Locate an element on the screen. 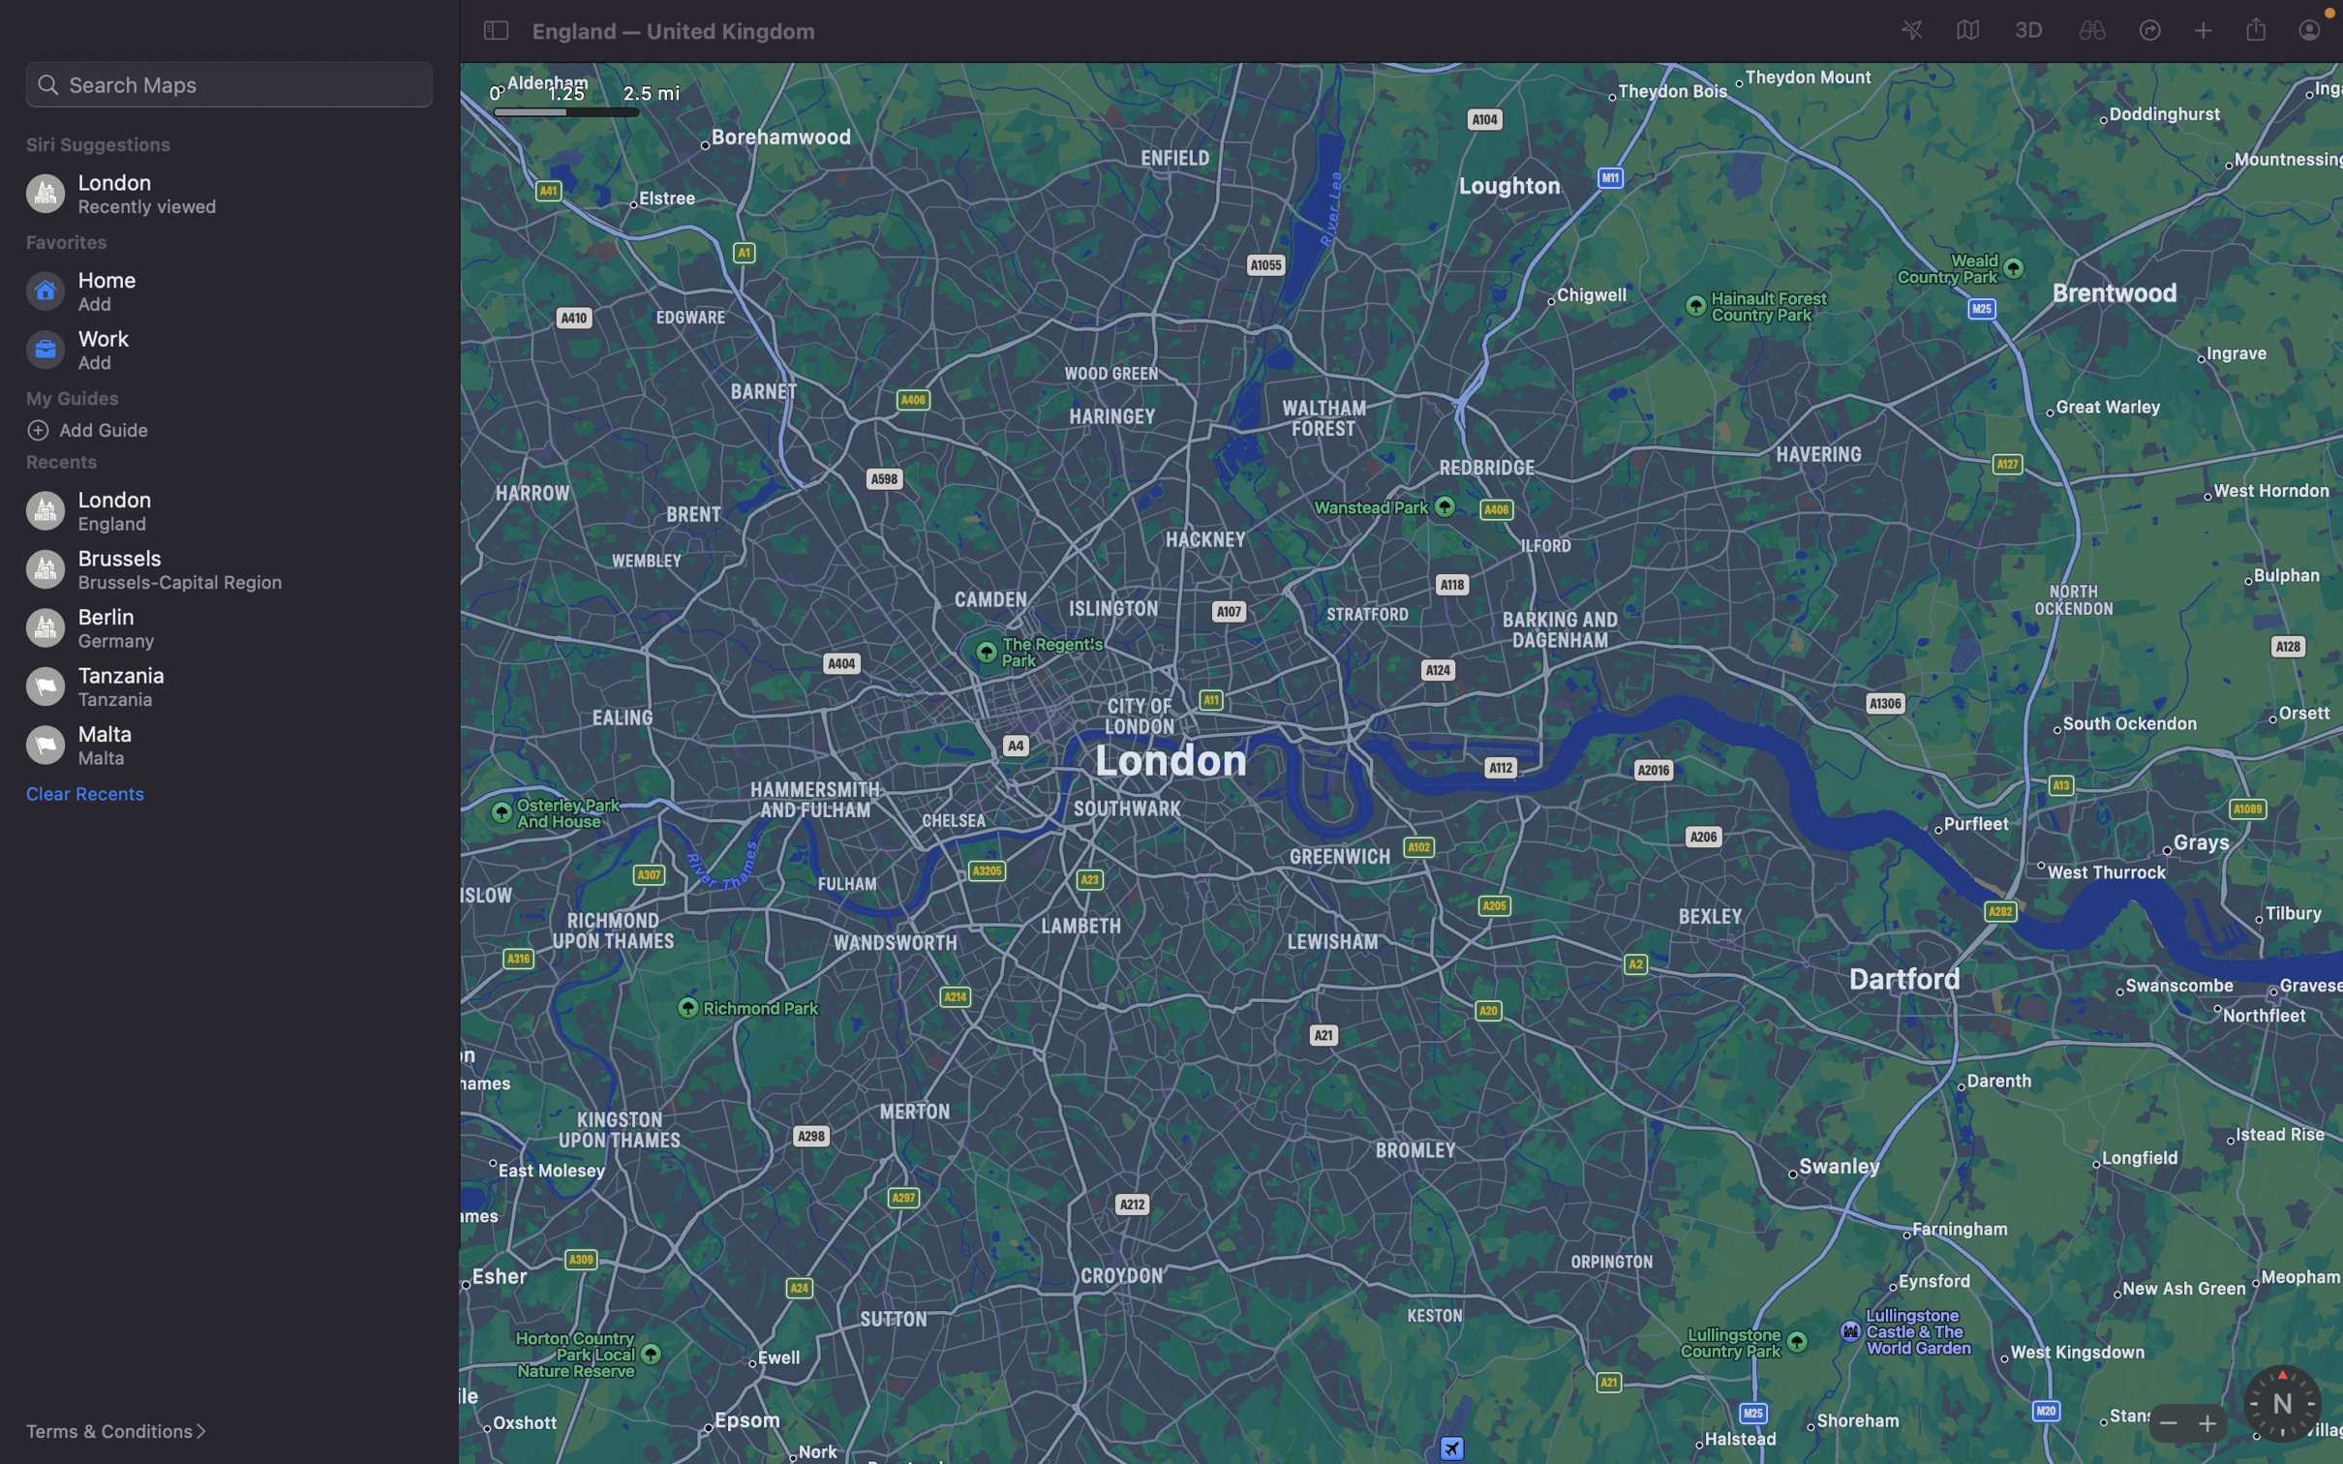  Look around the current map location is located at coordinates (2091, 31).